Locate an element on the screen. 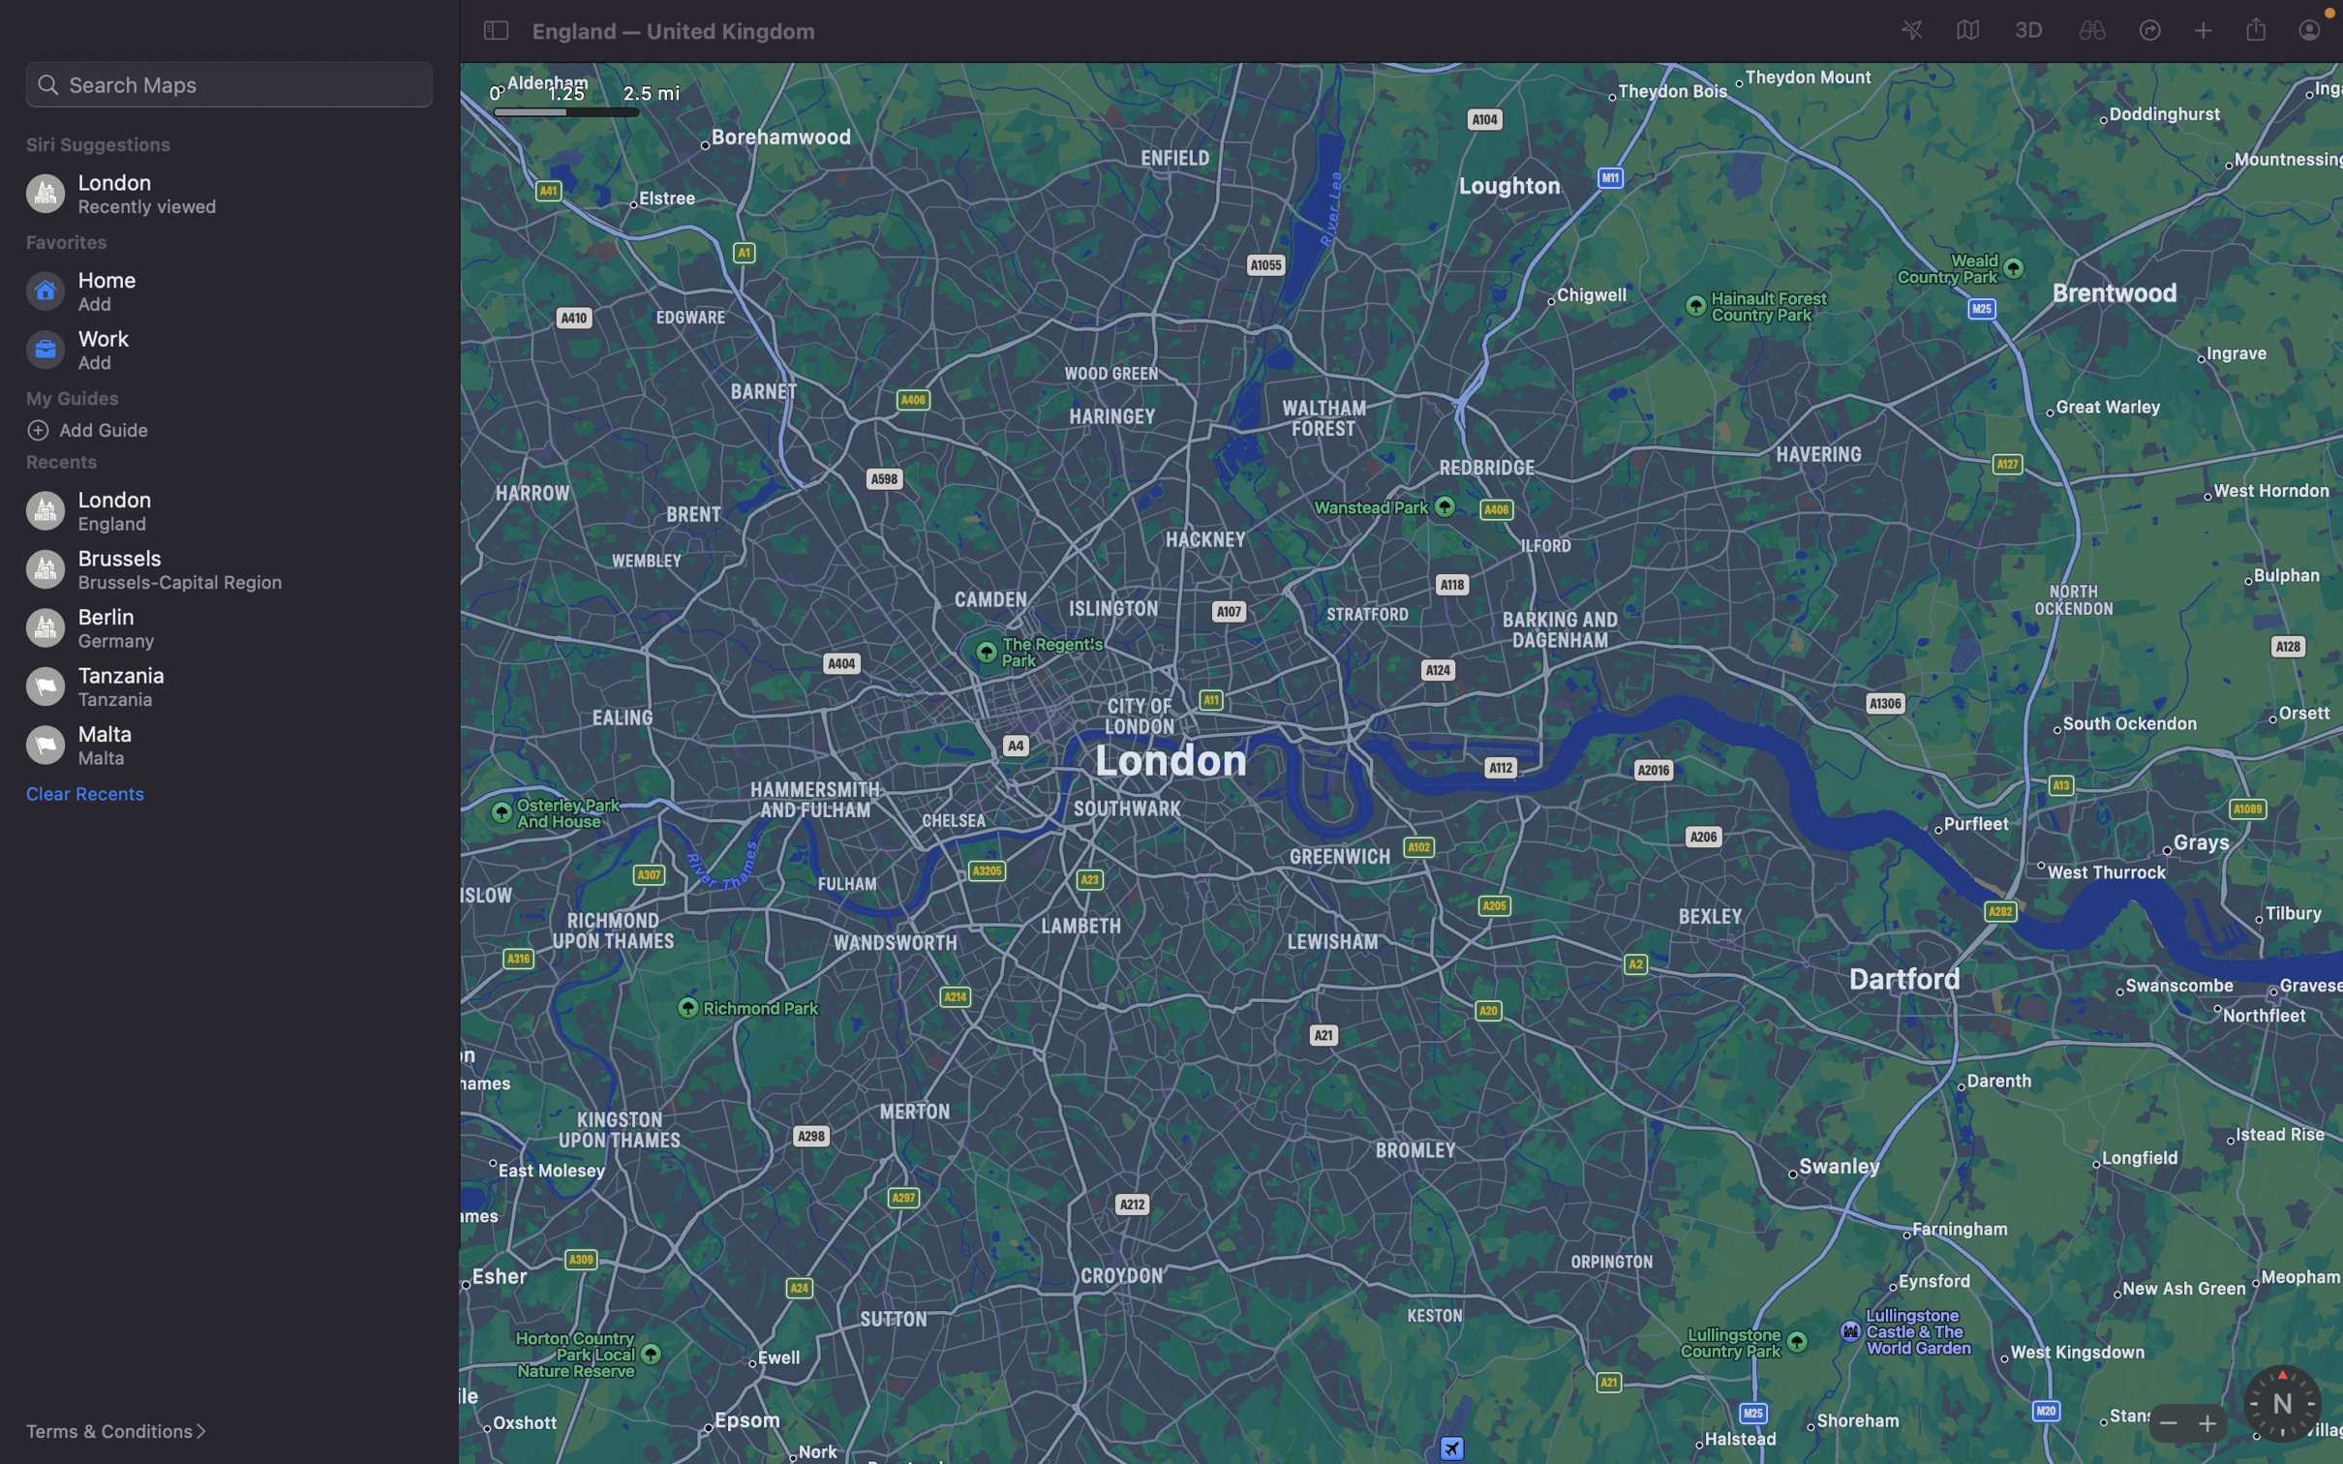  Look around the current map location is located at coordinates (2091, 31).